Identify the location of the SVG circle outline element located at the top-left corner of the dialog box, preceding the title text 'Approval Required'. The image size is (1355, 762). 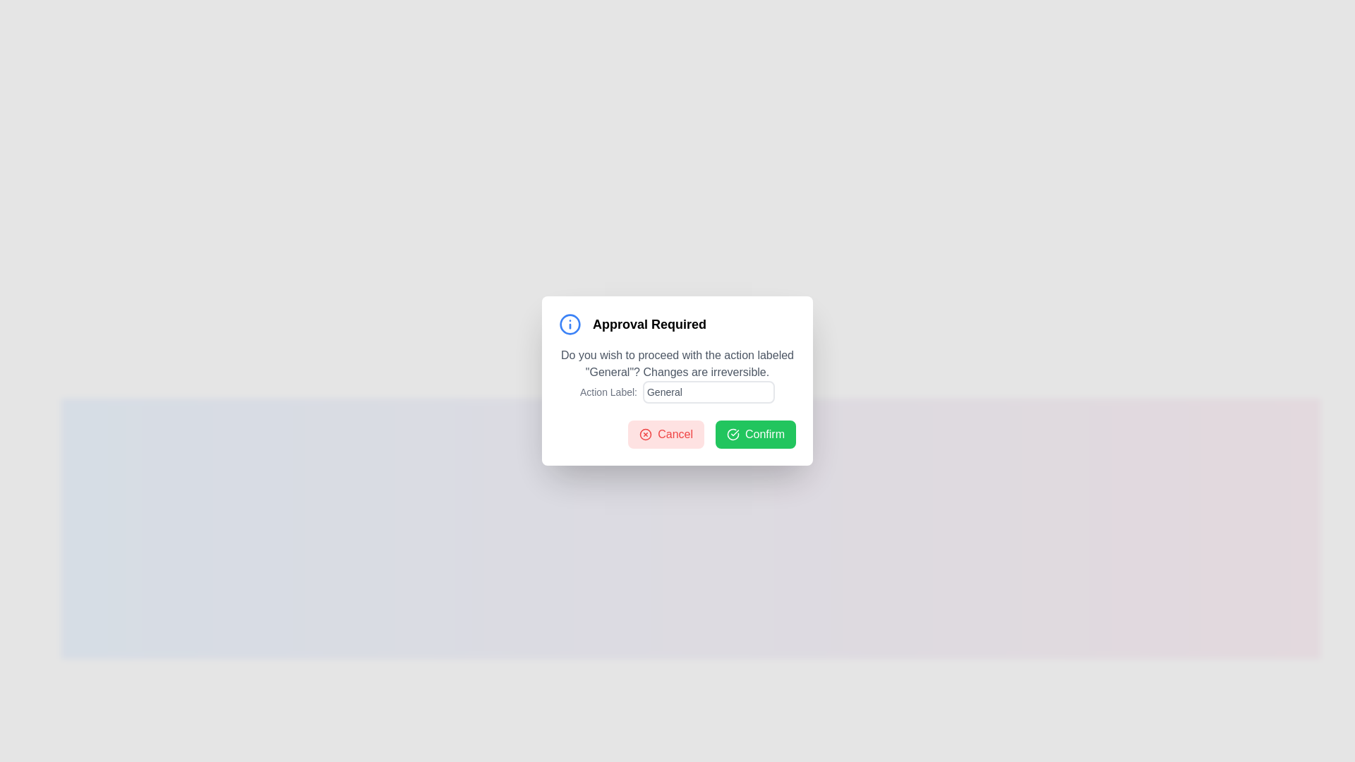
(645, 434).